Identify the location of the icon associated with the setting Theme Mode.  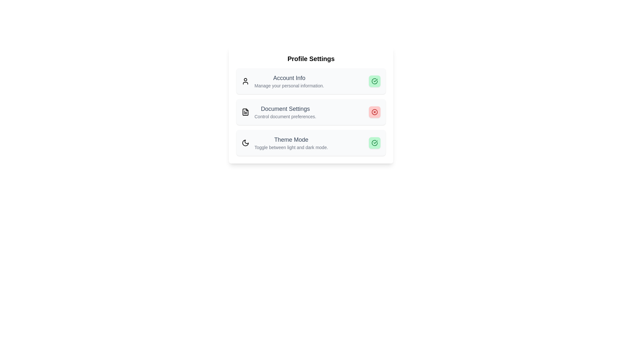
(245, 142).